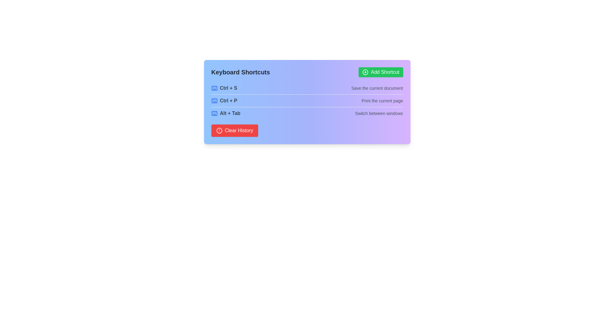 Image resolution: width=590 pixels, height=332 pixels. Describe the element at coordinates (234, 130) in the screenshot. I see `the rectangular button with rounded corners and vibrant red background labeled 'Clear History'` at that location.